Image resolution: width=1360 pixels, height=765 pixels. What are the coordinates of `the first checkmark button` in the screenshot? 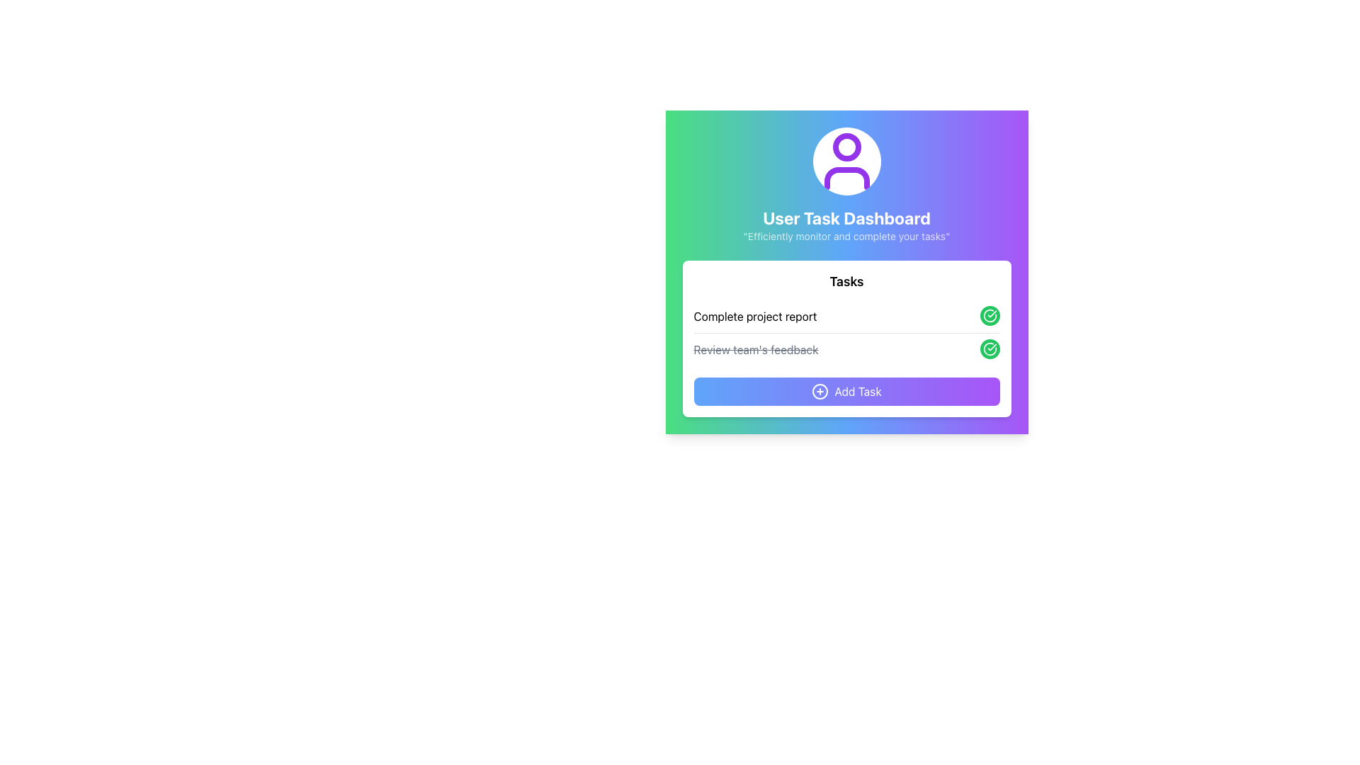 It's located at (989, 316).